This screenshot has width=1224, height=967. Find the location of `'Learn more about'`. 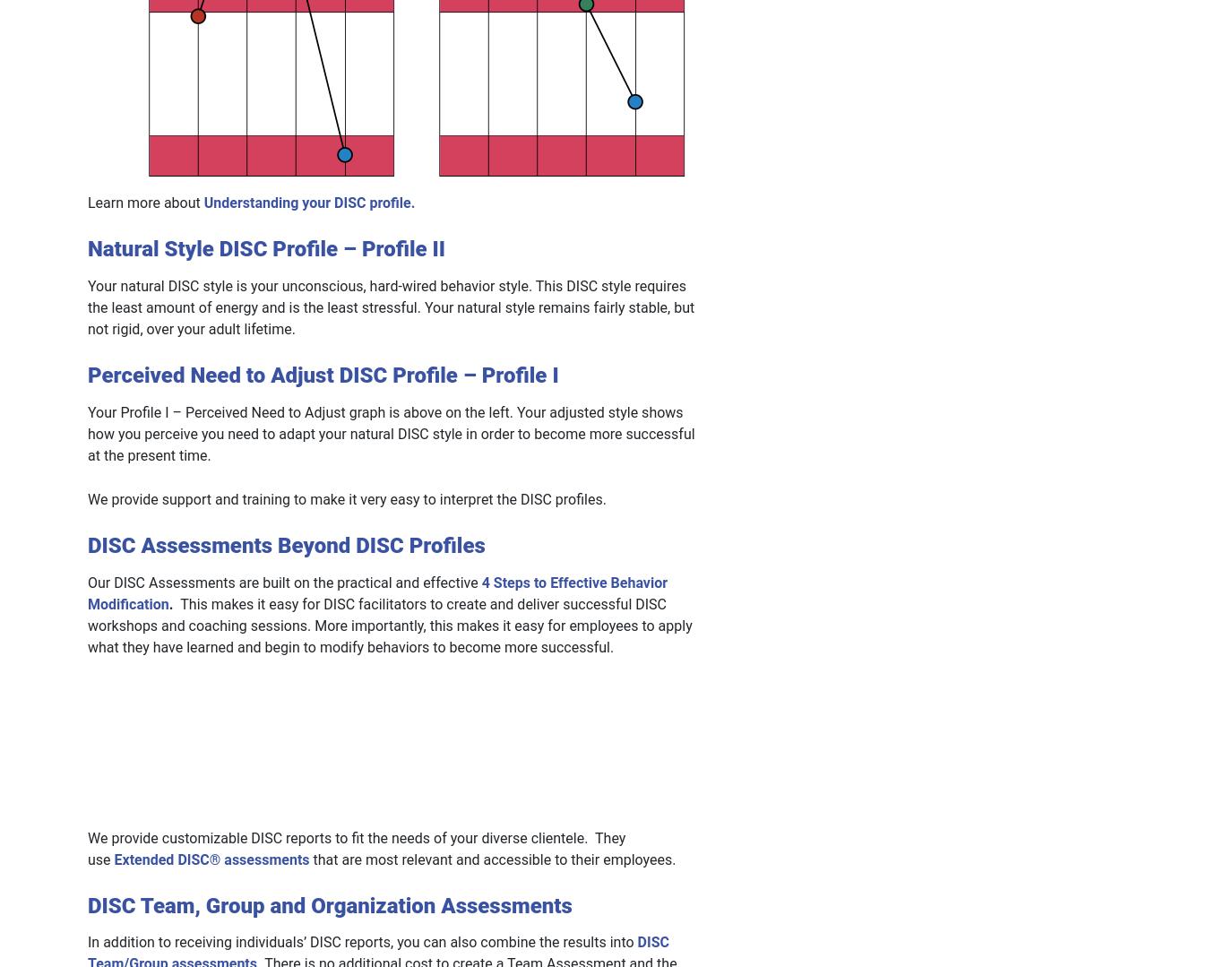

'Learn more about' is located at coordinates (144, 202).